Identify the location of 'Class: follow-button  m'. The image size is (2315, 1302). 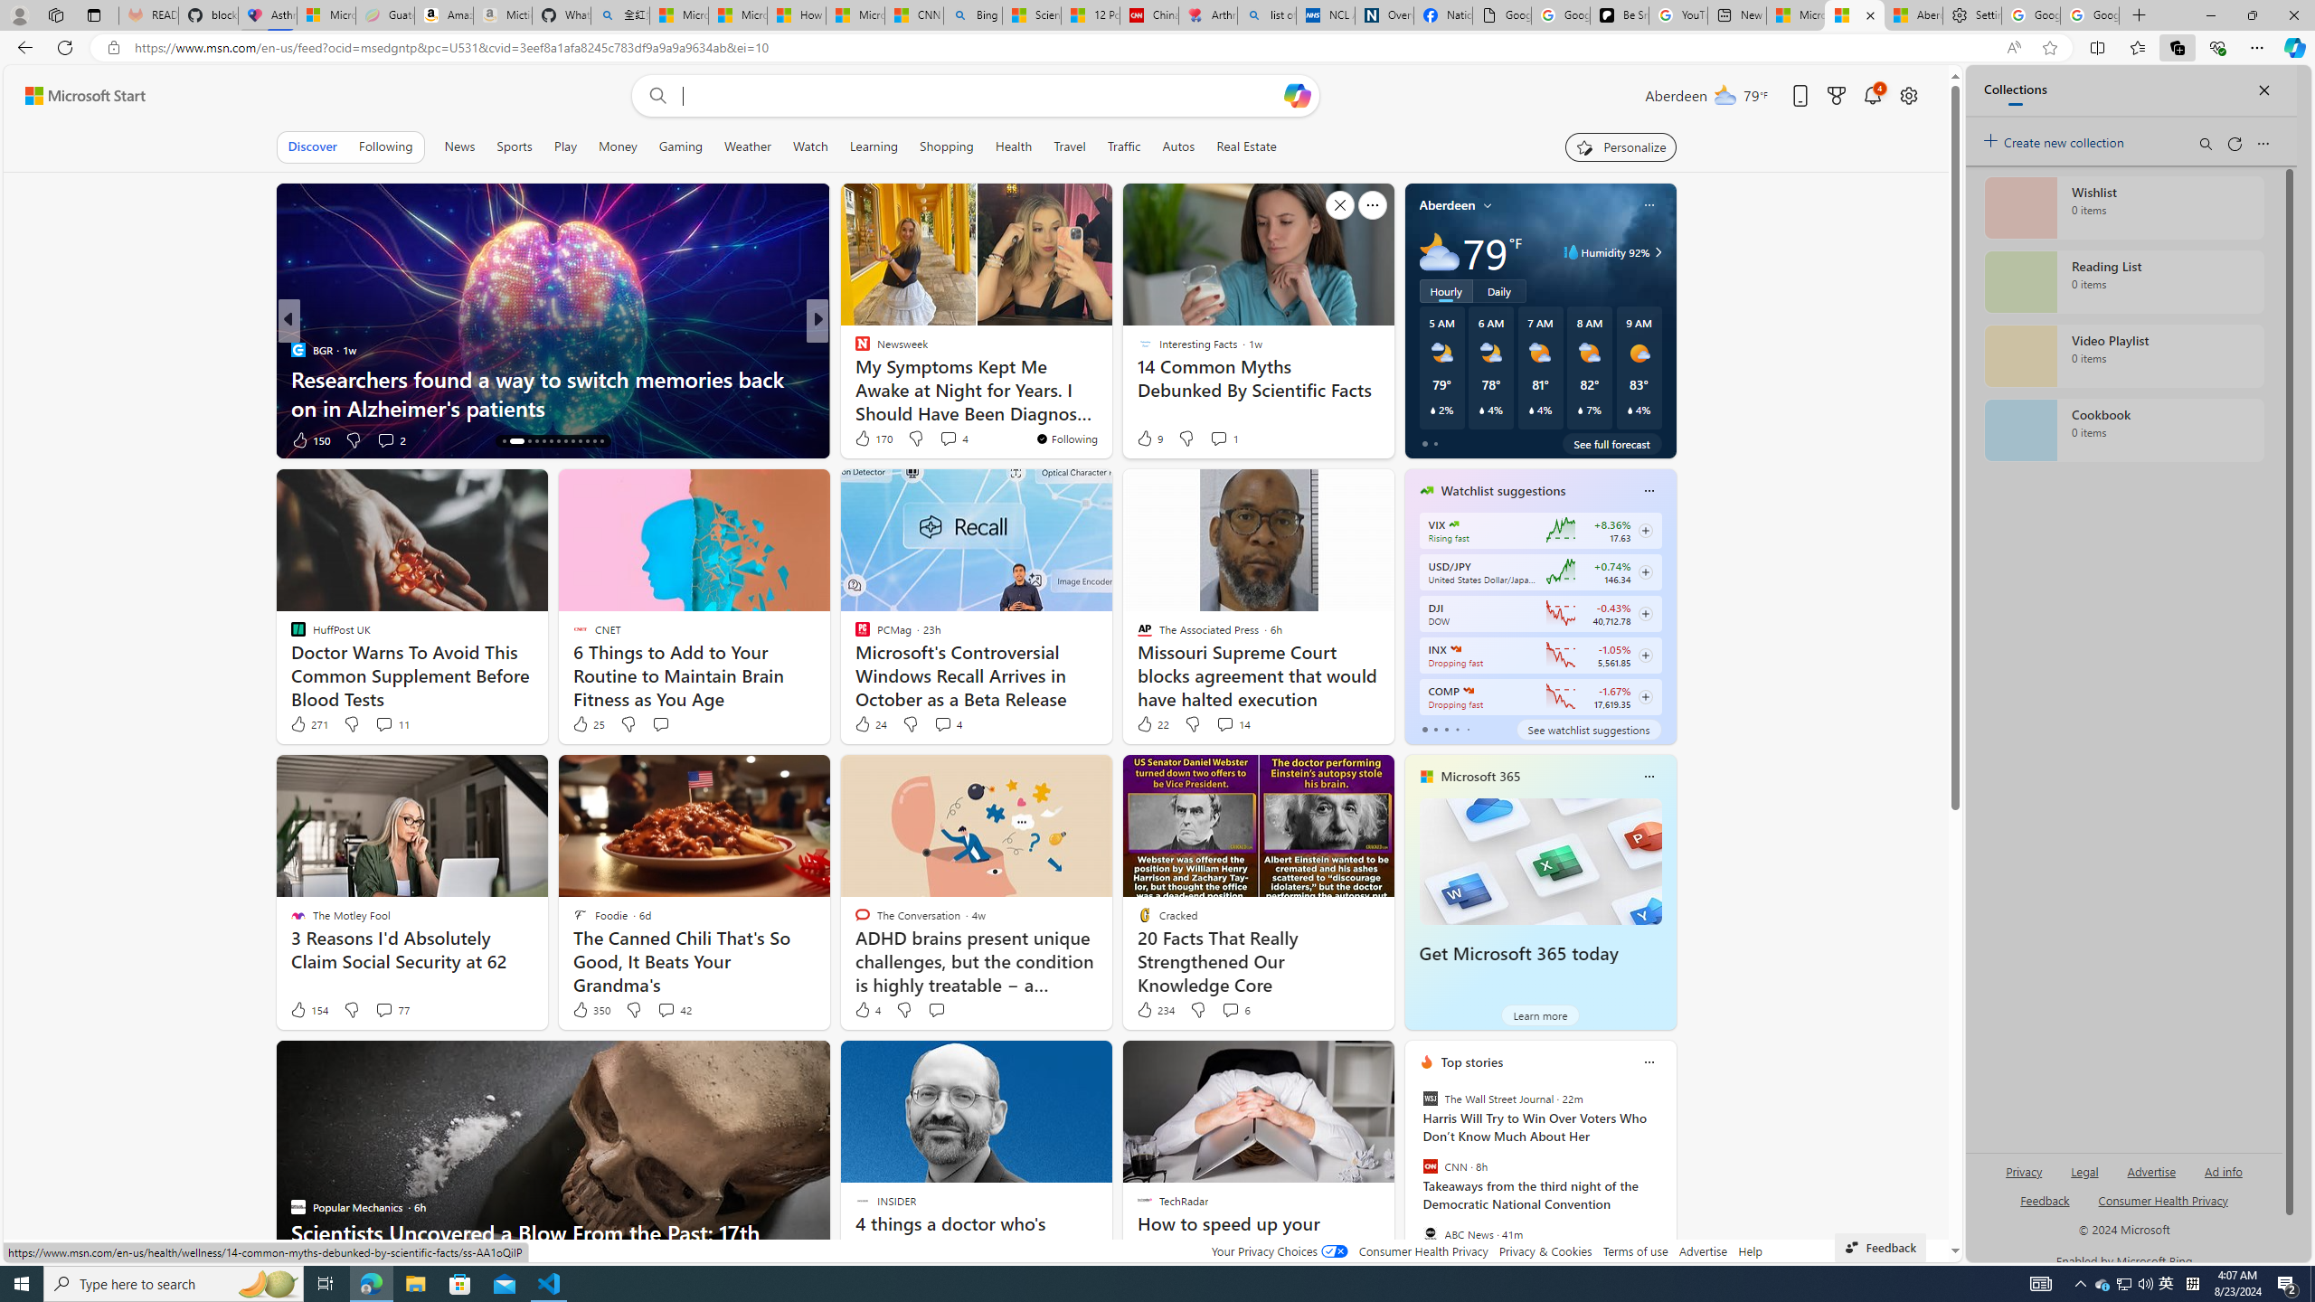
(1644, 696).